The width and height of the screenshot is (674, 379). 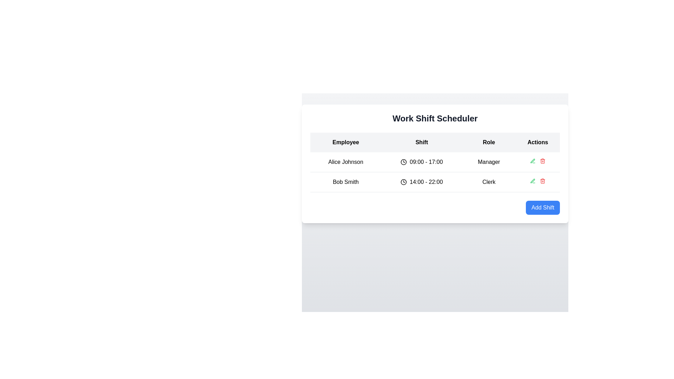 I want to click on the static text element indicating the role designation 'Manager' for the individual 'Alice Johnson' in the third column of the table, so click(x=488, y=162).